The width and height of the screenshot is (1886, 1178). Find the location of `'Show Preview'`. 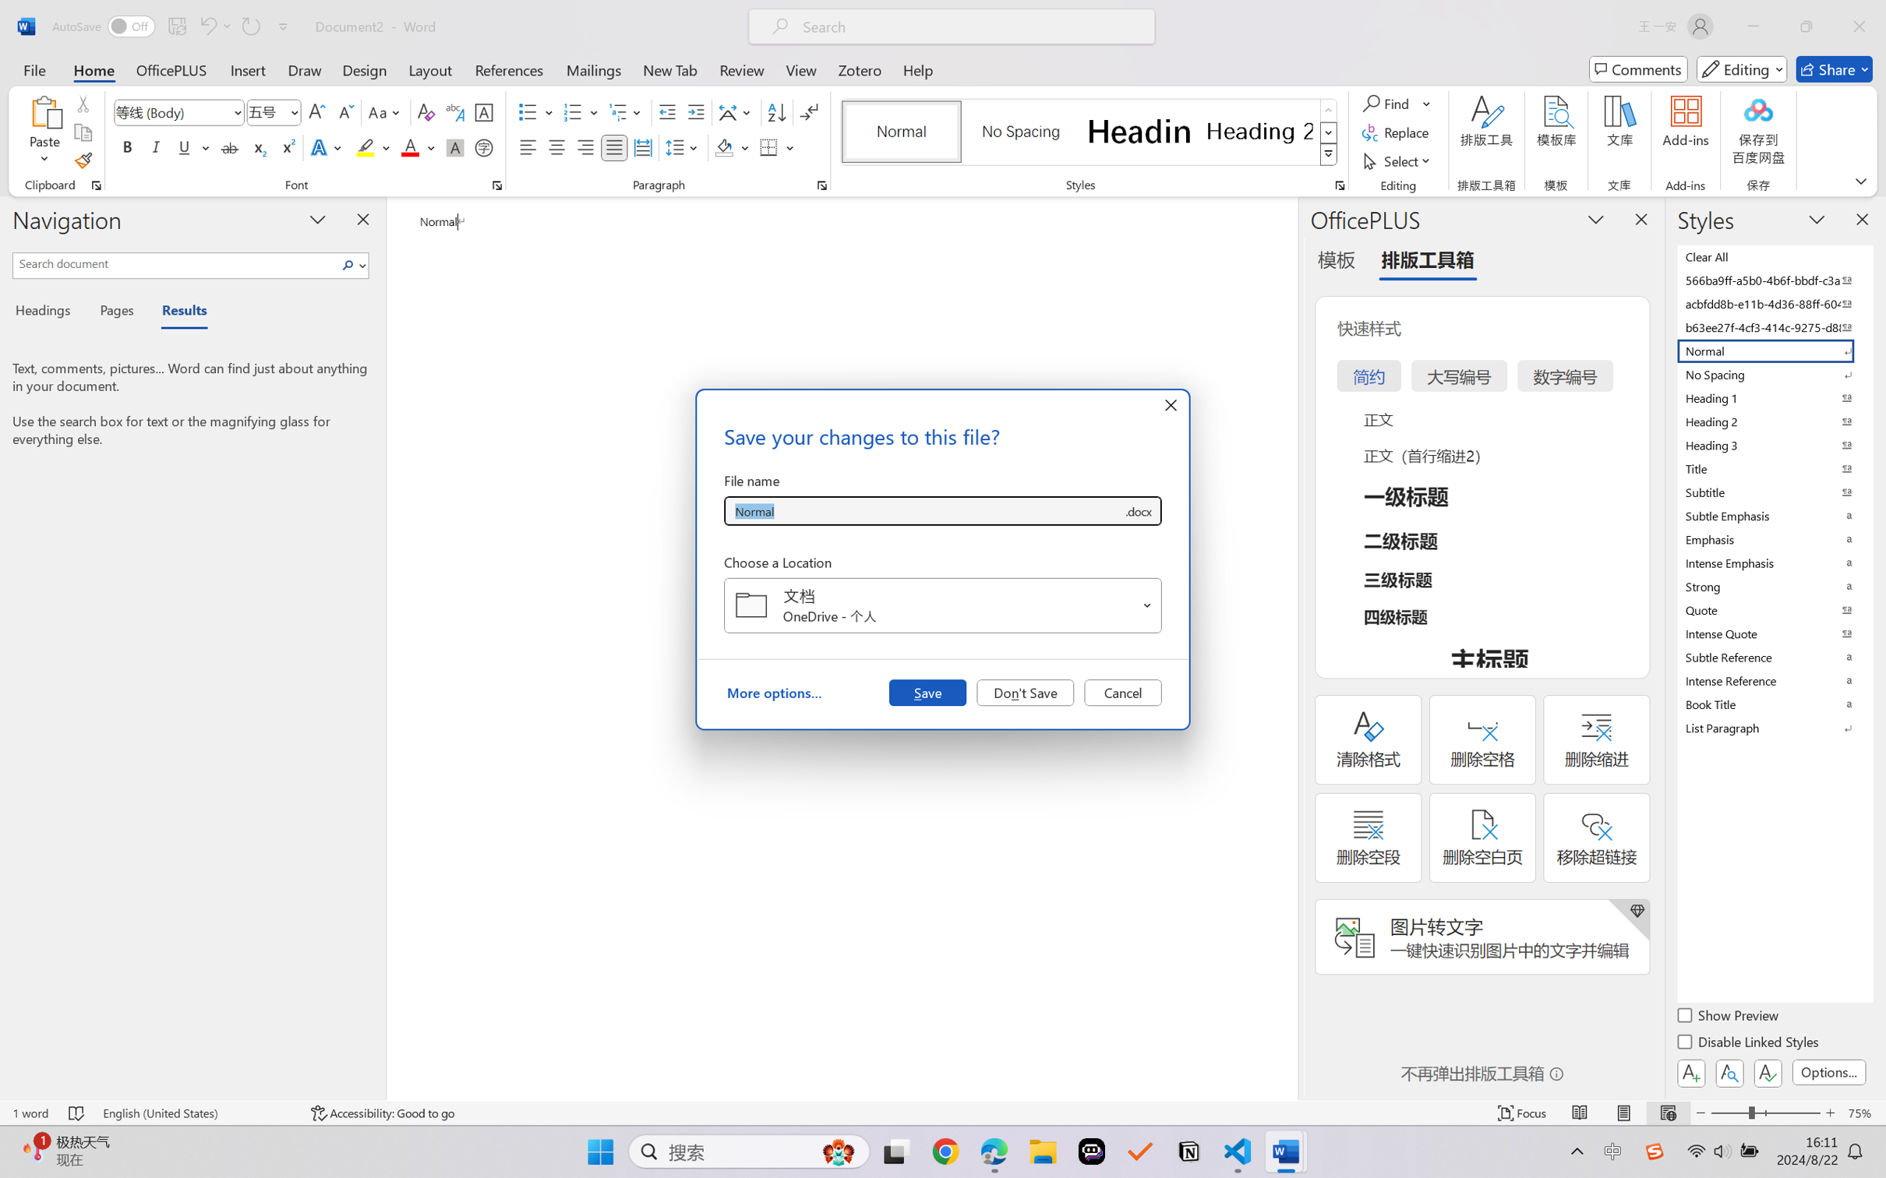

'Show Preview' is located at coordinates (1729, 1017).